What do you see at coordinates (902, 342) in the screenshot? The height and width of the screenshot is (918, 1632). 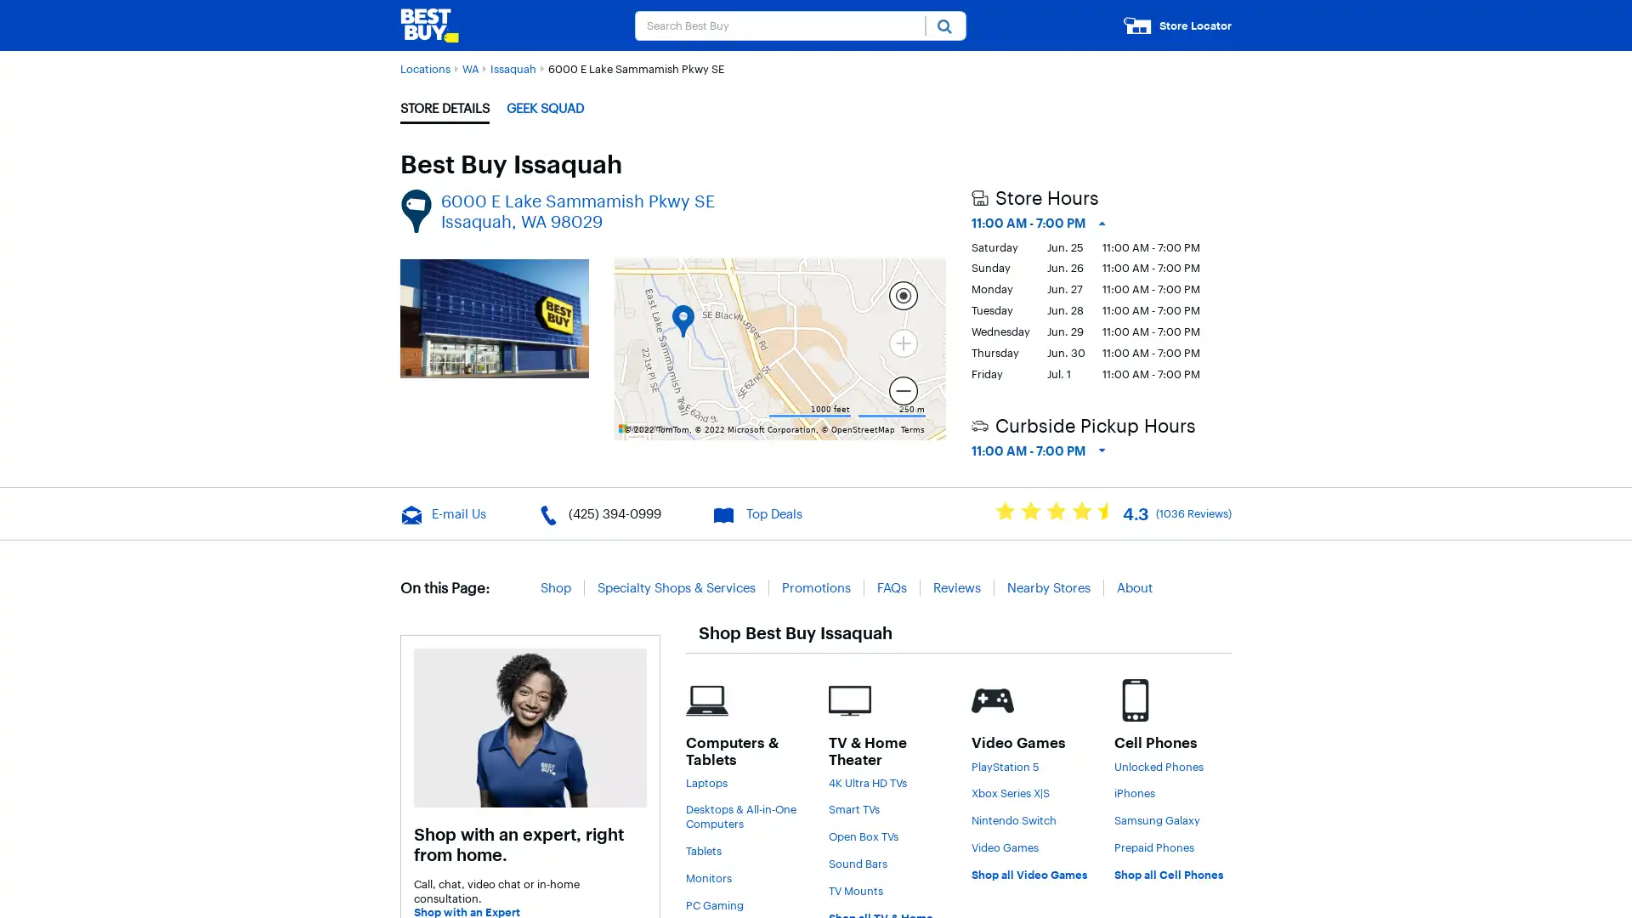 I see `Current Level 15, Zoom In Zoom in Disabled` at bounding box center [902, 342].